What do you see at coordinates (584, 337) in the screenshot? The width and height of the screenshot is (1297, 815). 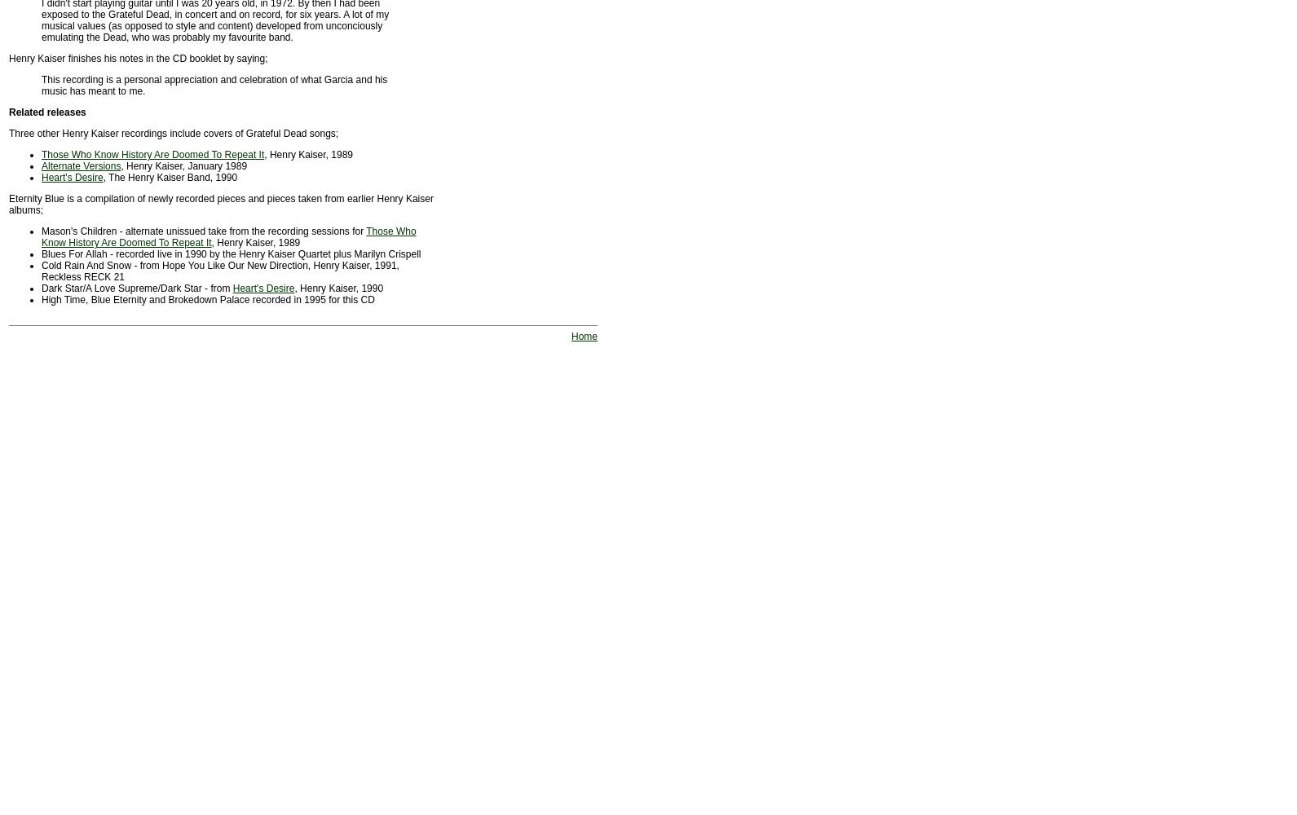 I see `'Home'` at bounding box center [584, 337].